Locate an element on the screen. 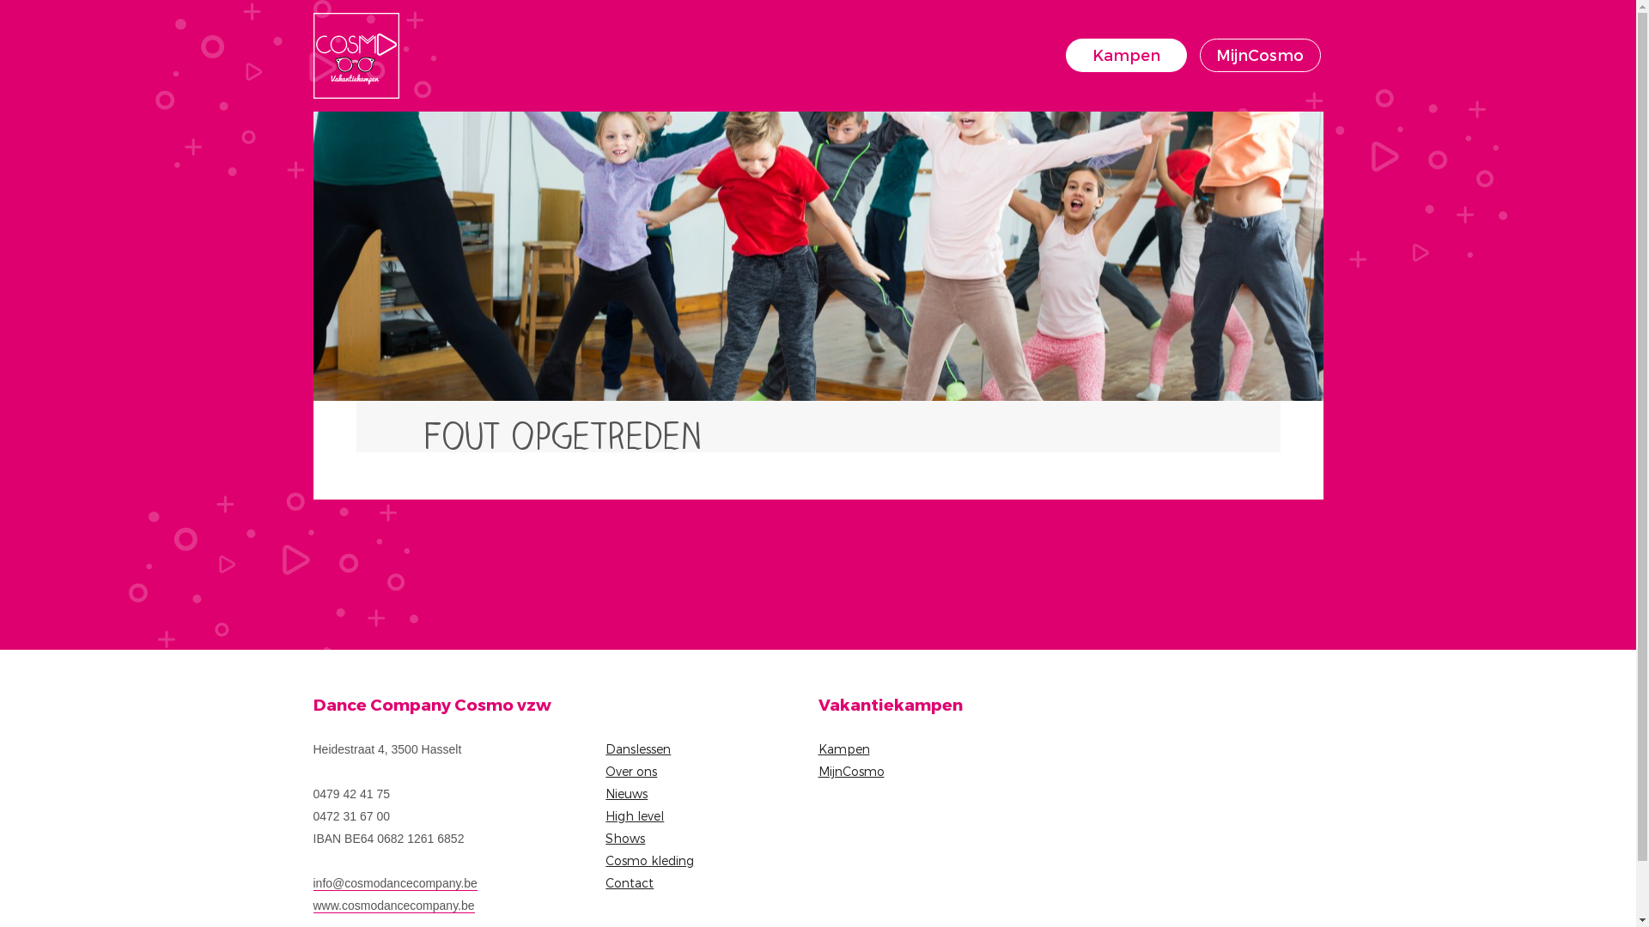 The width and height of the screenshot is (1649, 927). 'Nieuws' is located at coordinates (625, 793).